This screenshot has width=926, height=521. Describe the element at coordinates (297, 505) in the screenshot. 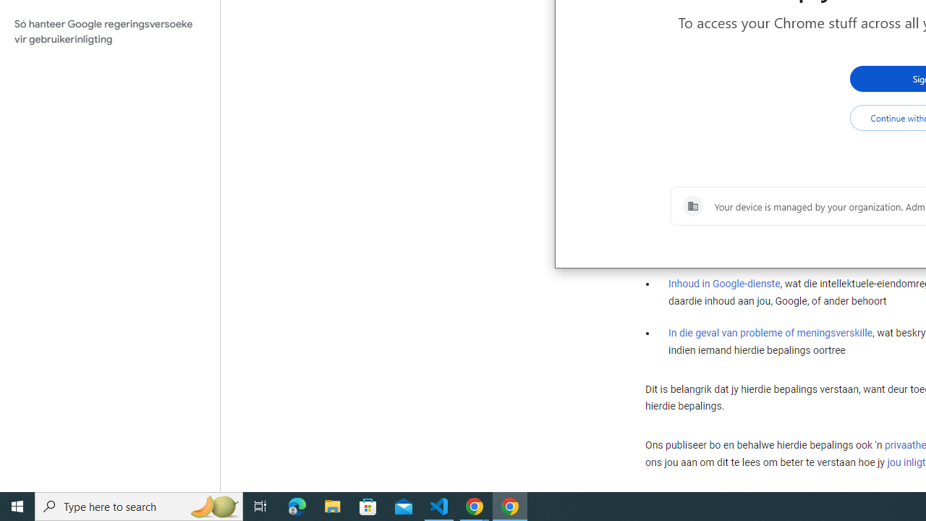

I see `'Microsoft Edge'` at that location.